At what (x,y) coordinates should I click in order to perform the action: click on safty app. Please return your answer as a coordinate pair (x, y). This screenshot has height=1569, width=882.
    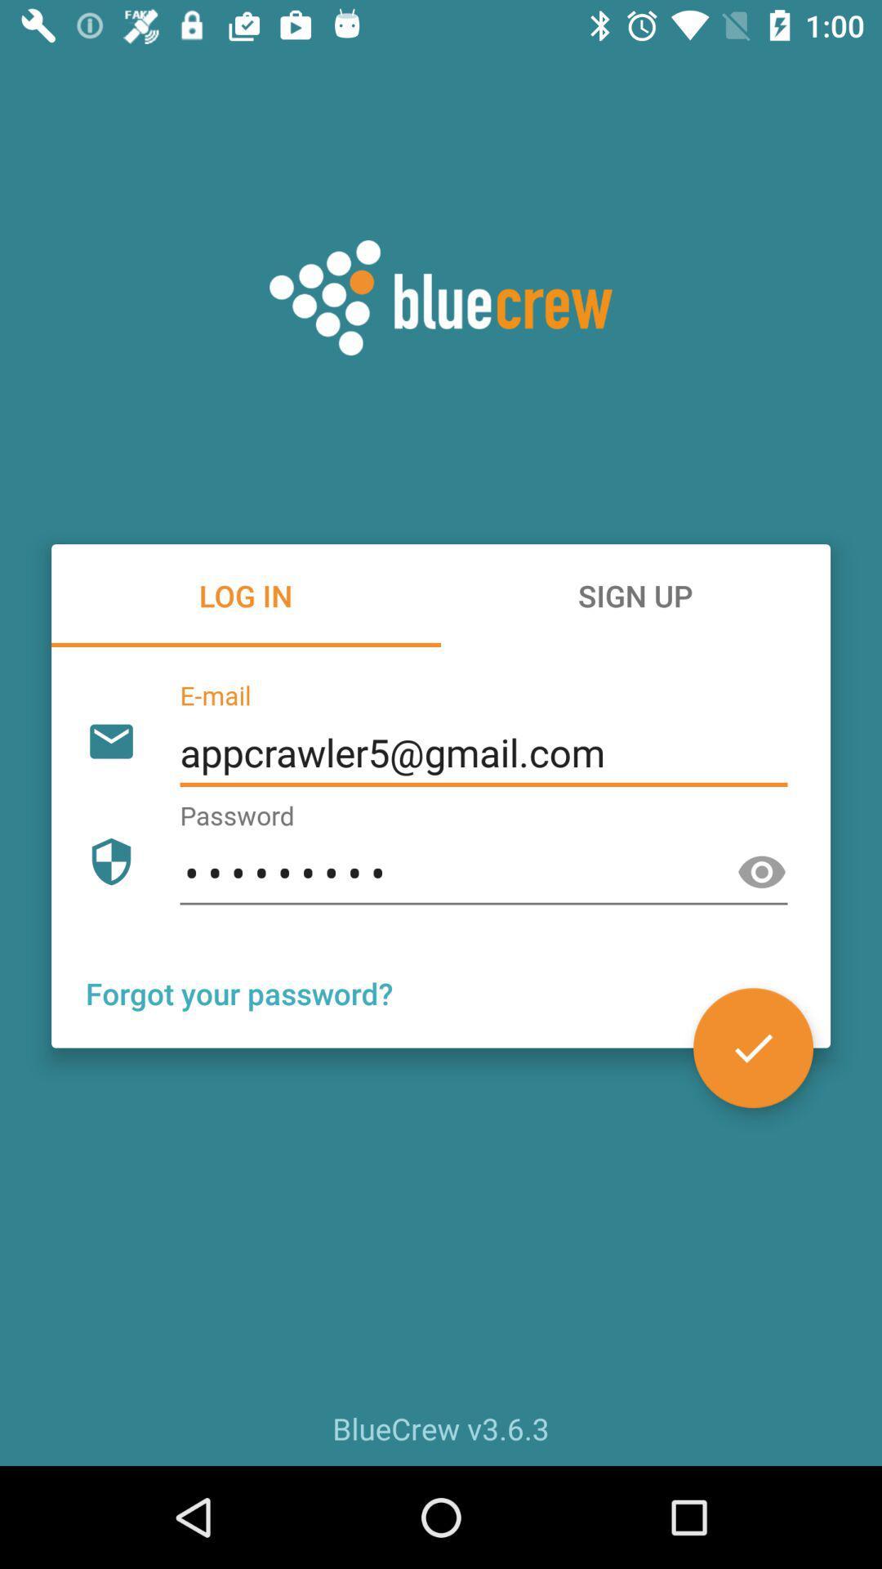
    Looking at the image, I should click on (762, 872).